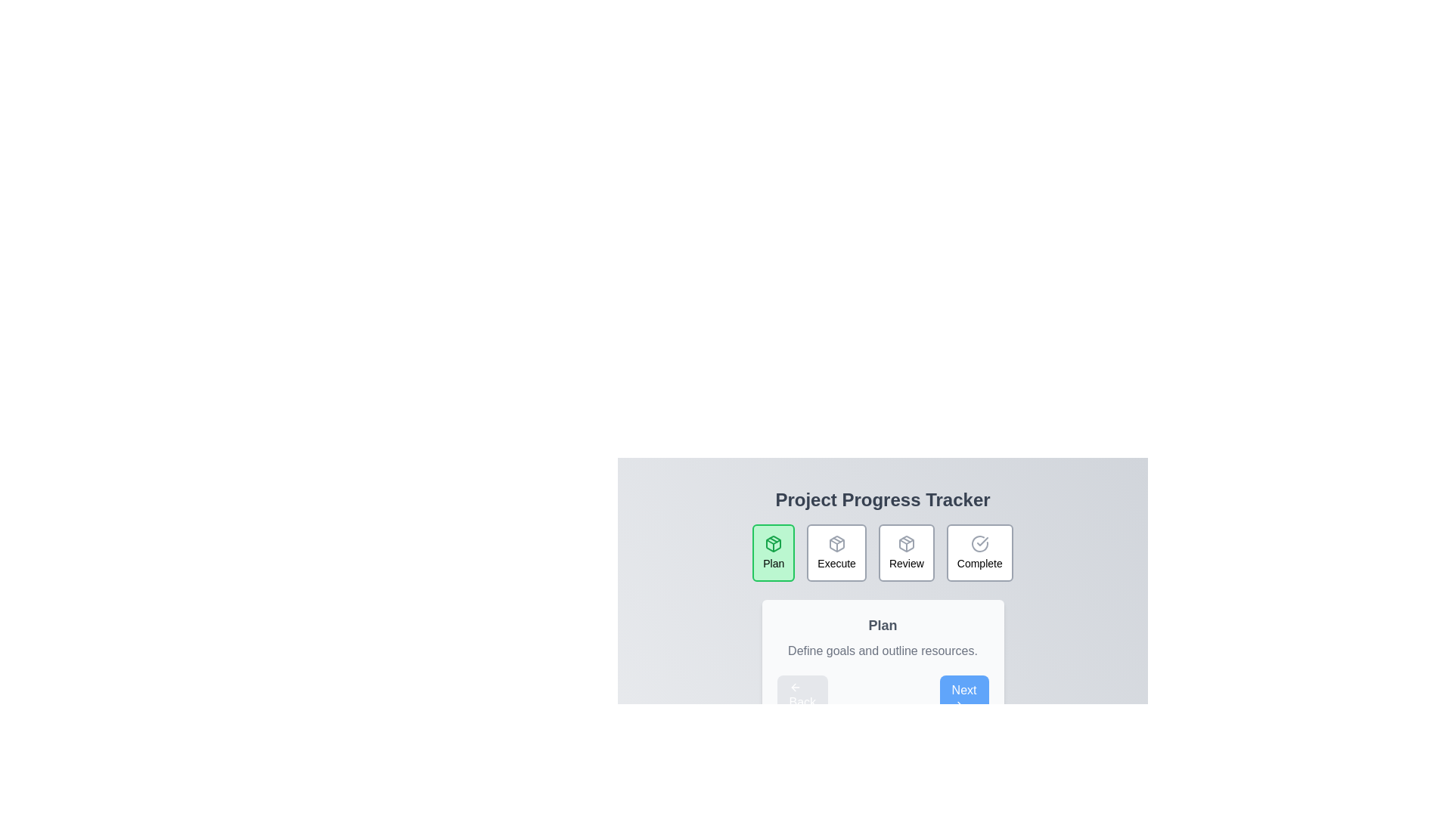 This screenshot has height=816, width=1452. What do you see at coordinates (773, 553) in the screenshot?
I see `the step labeled Plan to select it` at bounding box center [773, 553].